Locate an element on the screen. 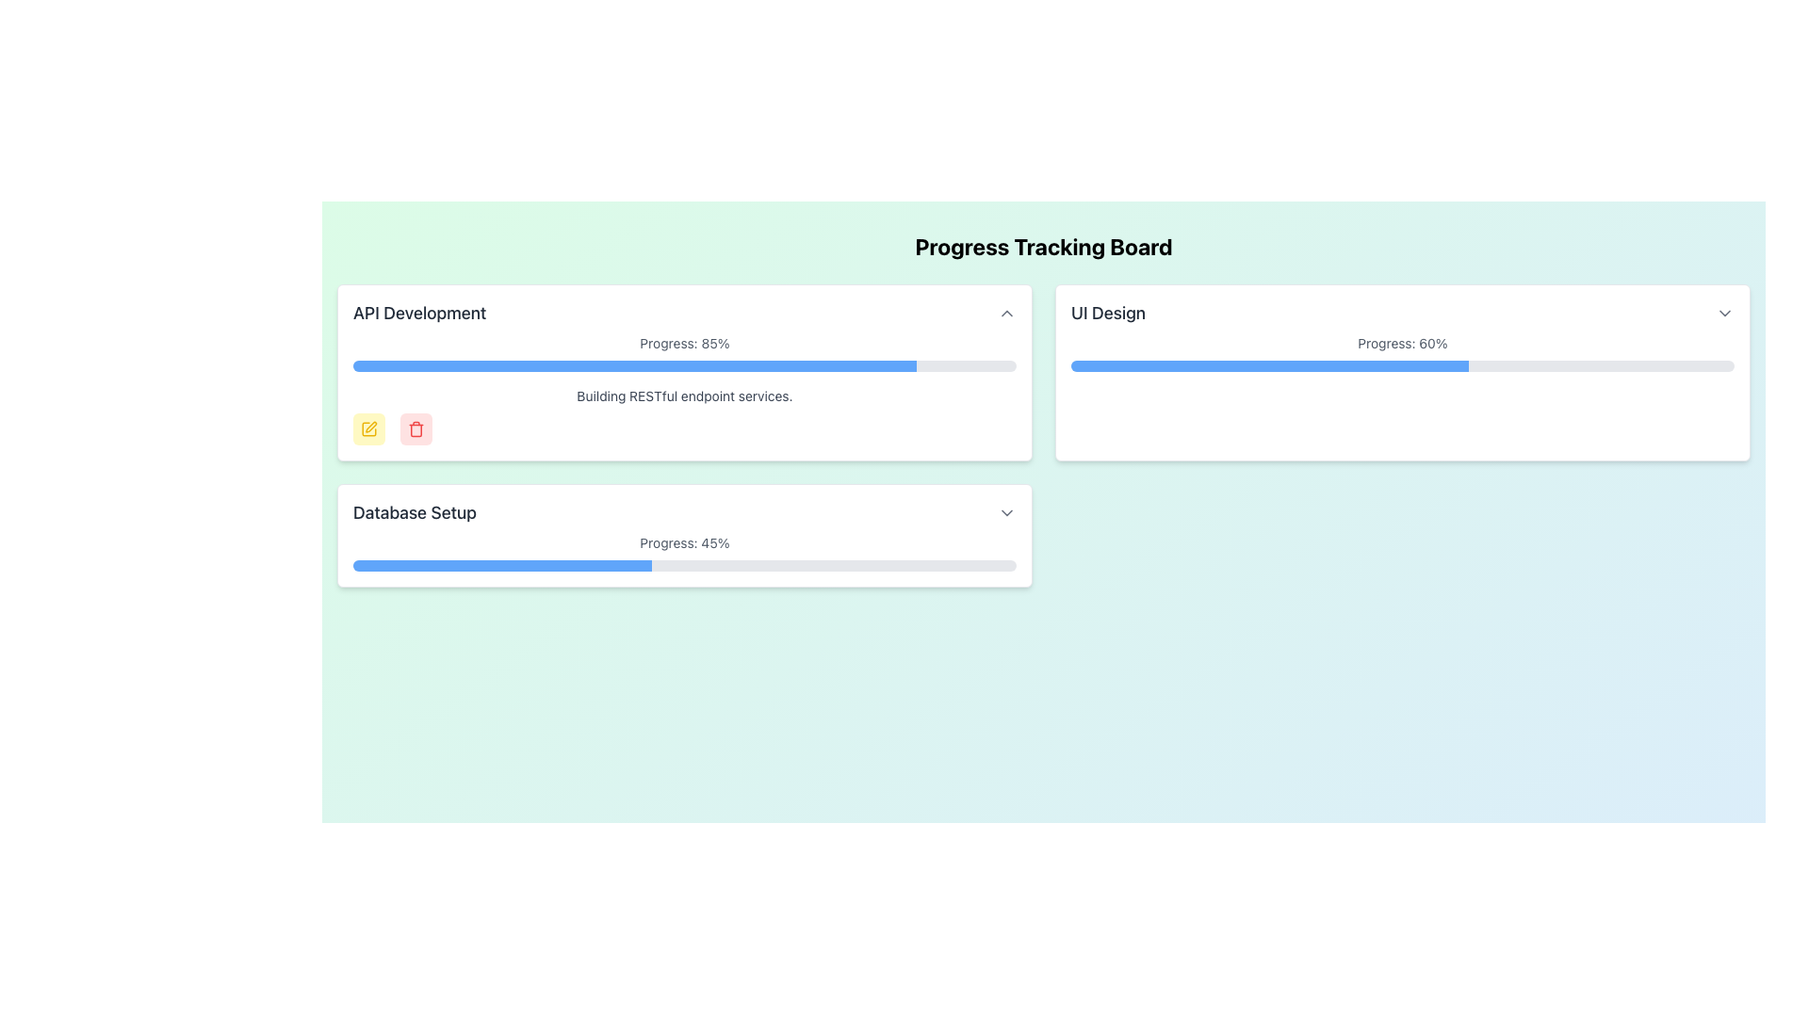 This screenshot has width=1809, height=1017. current progress percentage displayed in the static text element located within the 'Database Setup' card, which shows '45%' is located at coordinates (683, 543).